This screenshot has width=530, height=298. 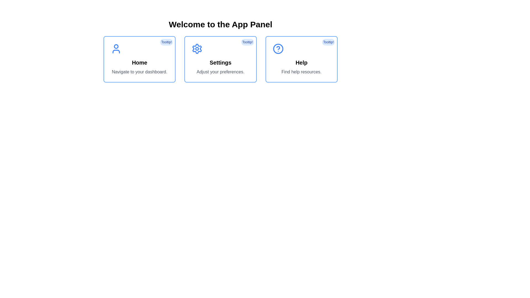 I want to click on supplementary descriptive text label located at the bottom of the 'Help' card, positioned directly below the larger text 'Help', so click(x=301, y=72).